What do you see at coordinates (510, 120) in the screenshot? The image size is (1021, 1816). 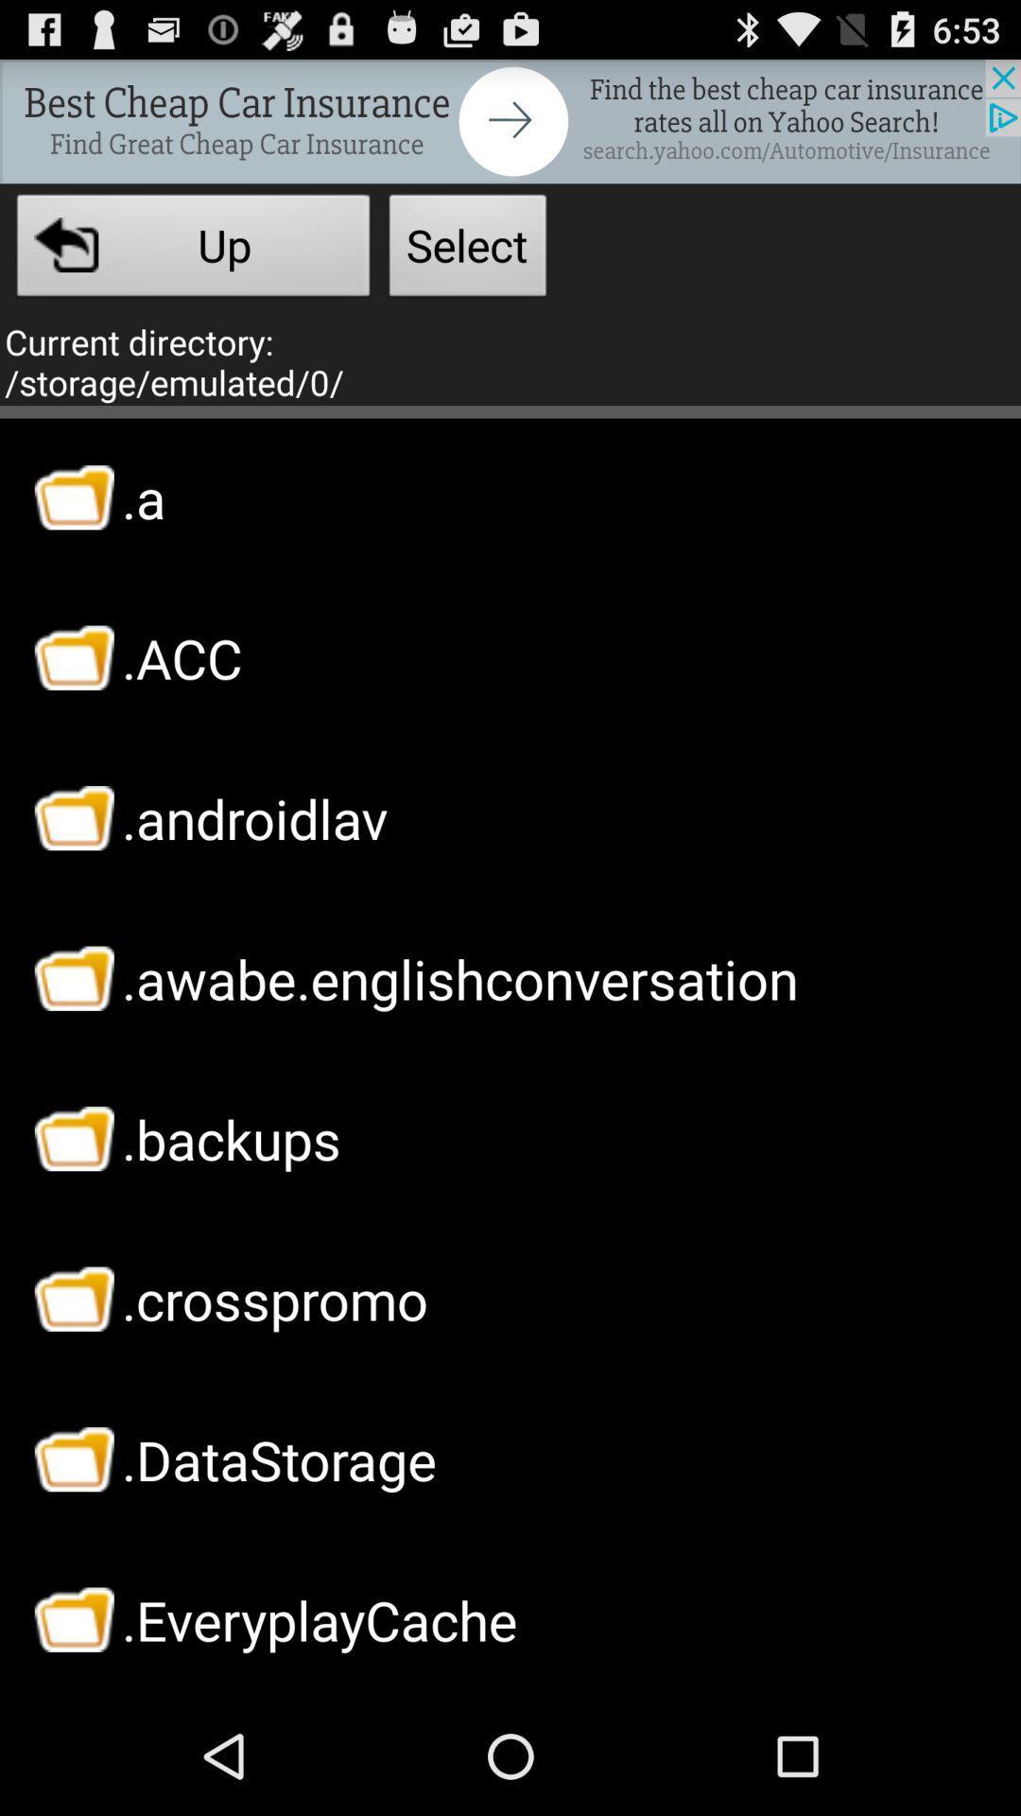 I see `opens a advertisement` at bounding box center [510, 120].